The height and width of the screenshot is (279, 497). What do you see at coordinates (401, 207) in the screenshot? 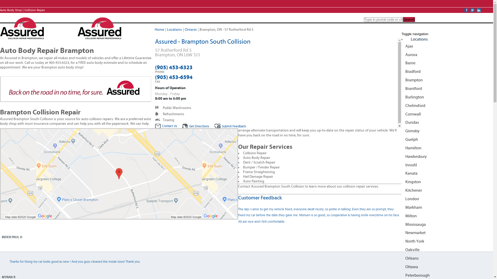
I see `'Markham'` at bounding box center [401, 207].